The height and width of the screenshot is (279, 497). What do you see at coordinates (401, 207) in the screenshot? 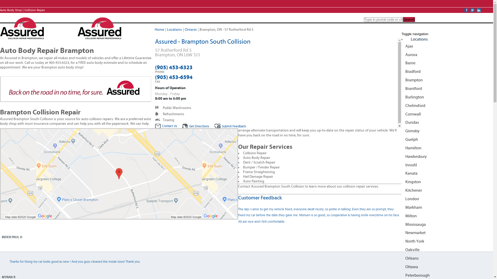
I see `'Markham'` at bounding box center [401, 207].